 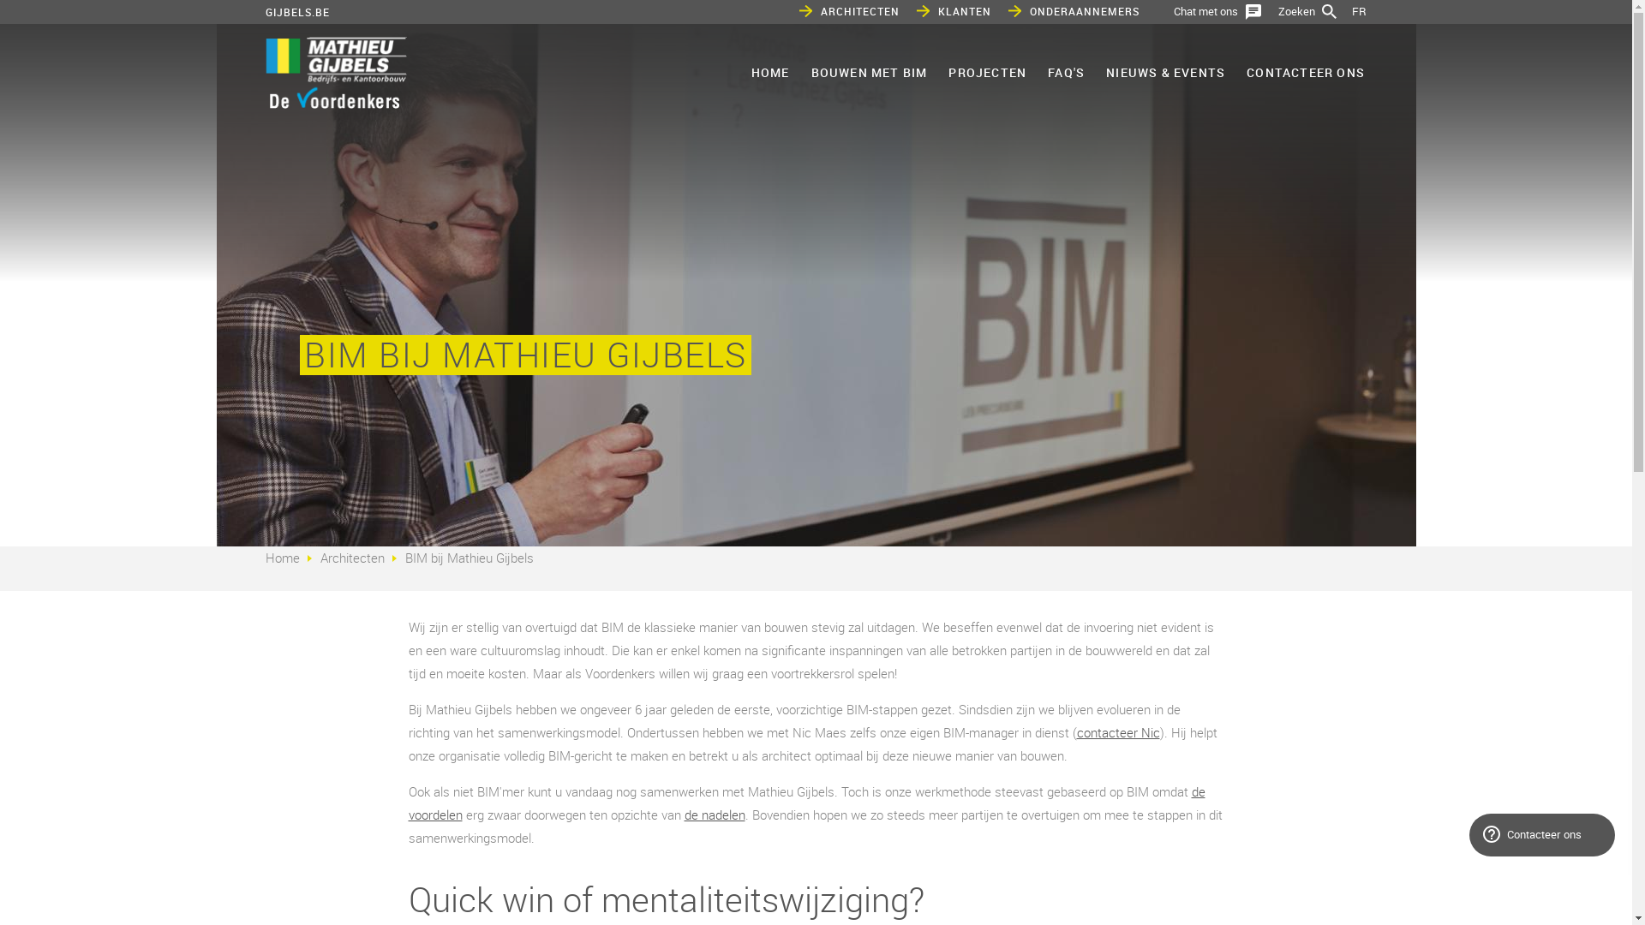 What do you see at coordinates (1164, 71) in the screenshot?
I see `'NIEUWS & EVENTS'` at bounding box center [1164, 71].